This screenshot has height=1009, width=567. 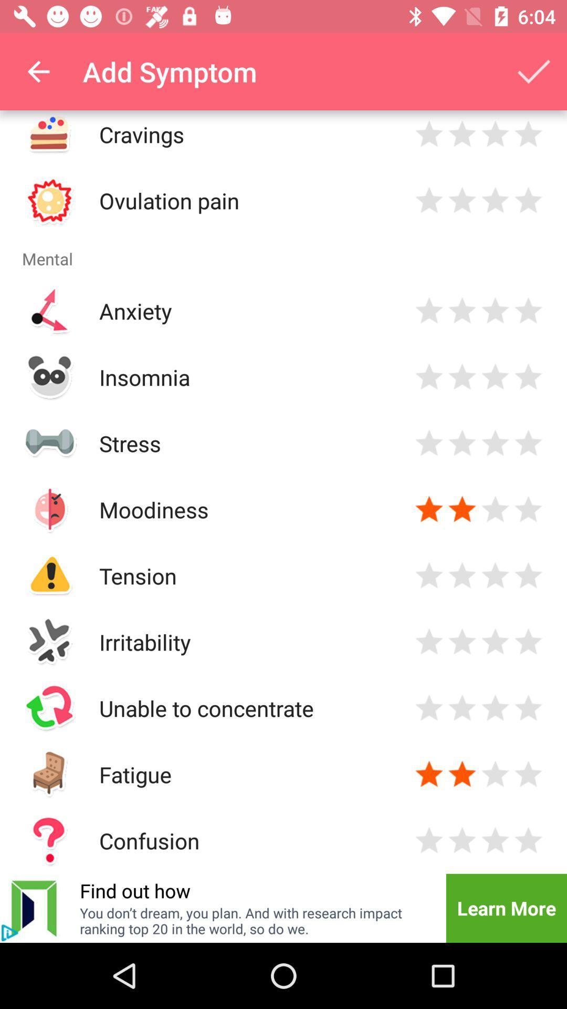 I want to click on two star rating, so click(x=461, y=377).